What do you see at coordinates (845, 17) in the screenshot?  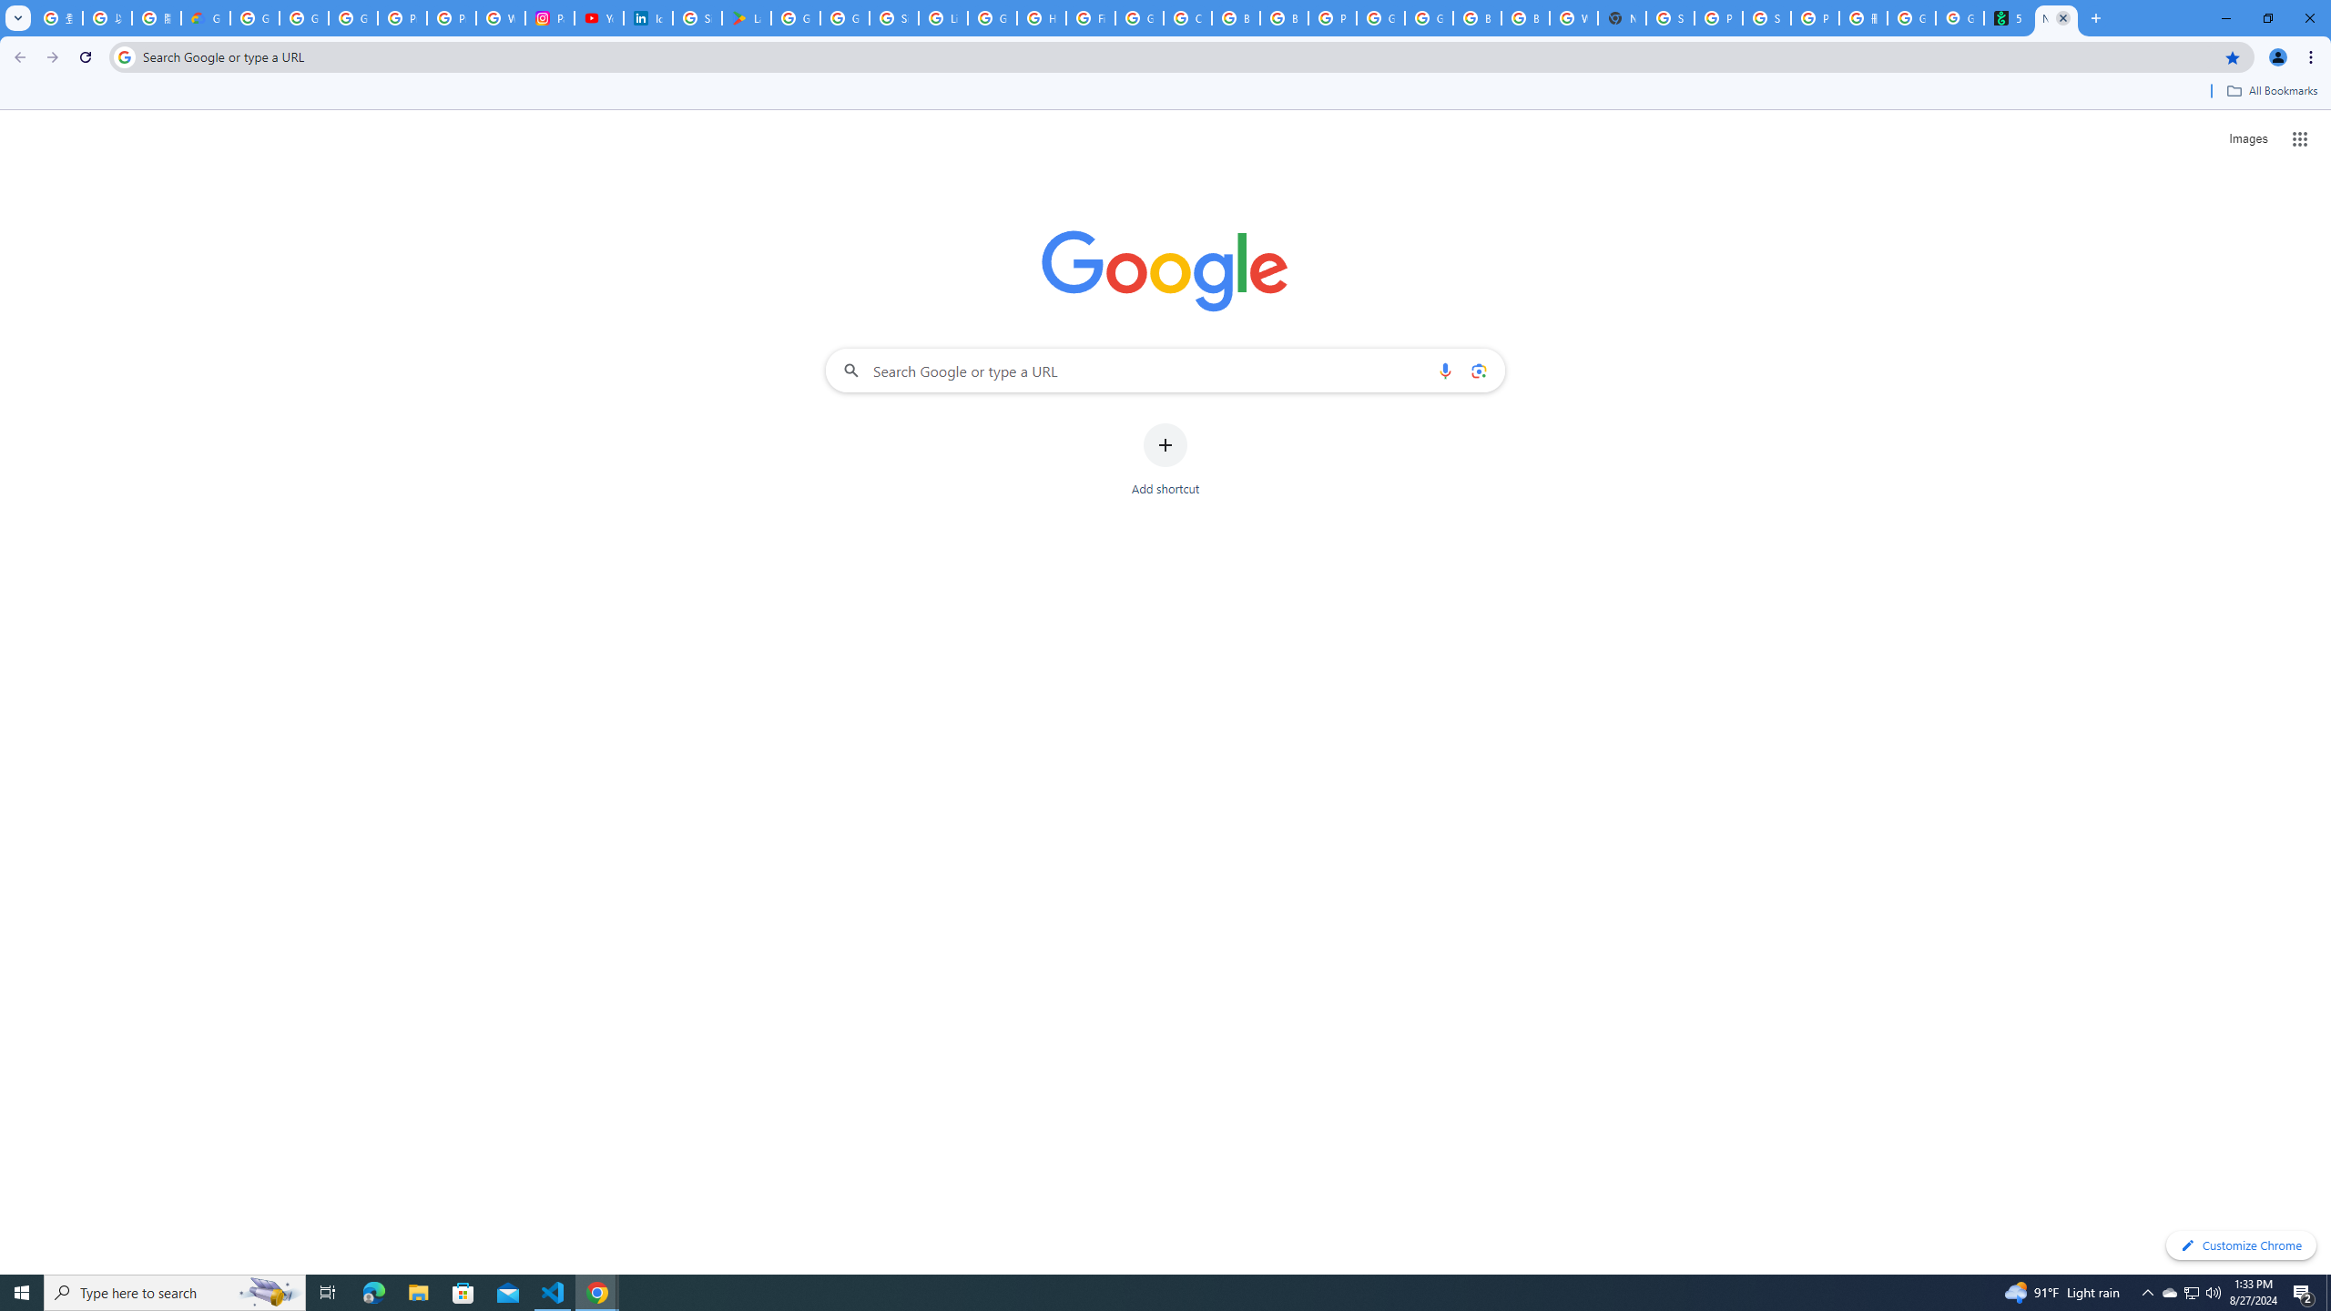 I see `'Google Workspace - Specific Terms'` at bounding box center [845, 17].